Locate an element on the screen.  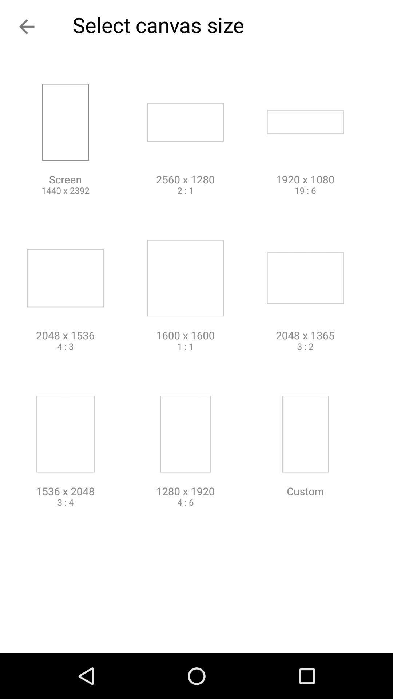
the arrow_backward icon is located at coordinates (26, 27).